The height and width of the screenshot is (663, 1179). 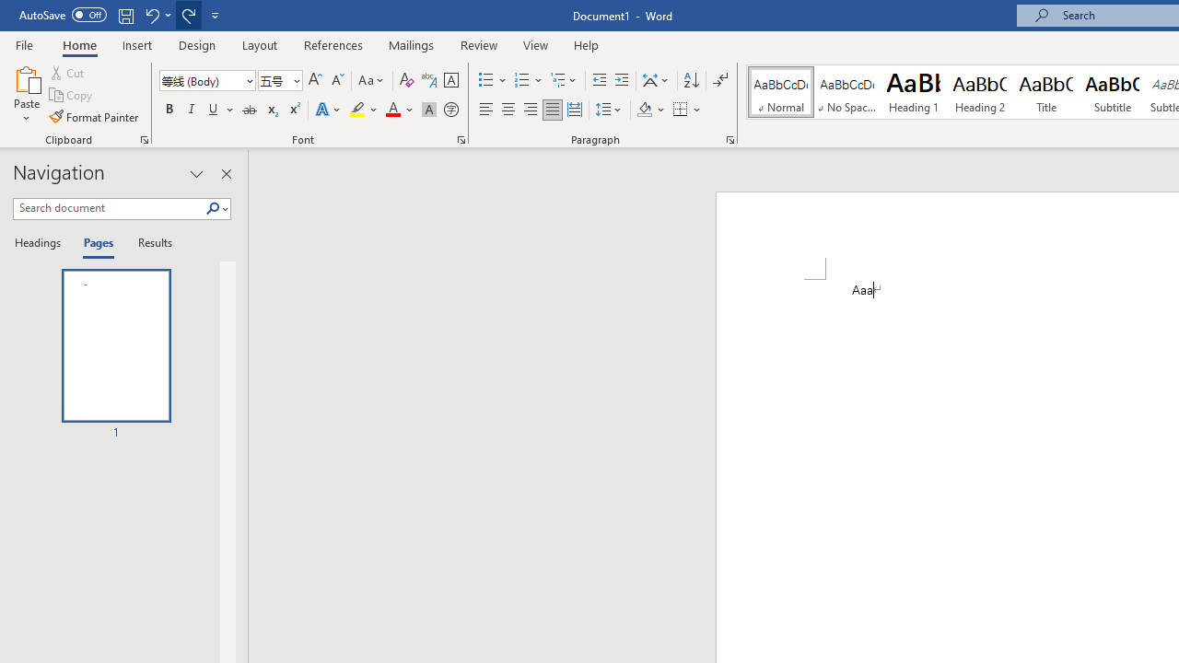 What do you see at coordinates (1112, 92) in the screenshot?
I see `'Subtitle'` at bounding box center [1112, 92].